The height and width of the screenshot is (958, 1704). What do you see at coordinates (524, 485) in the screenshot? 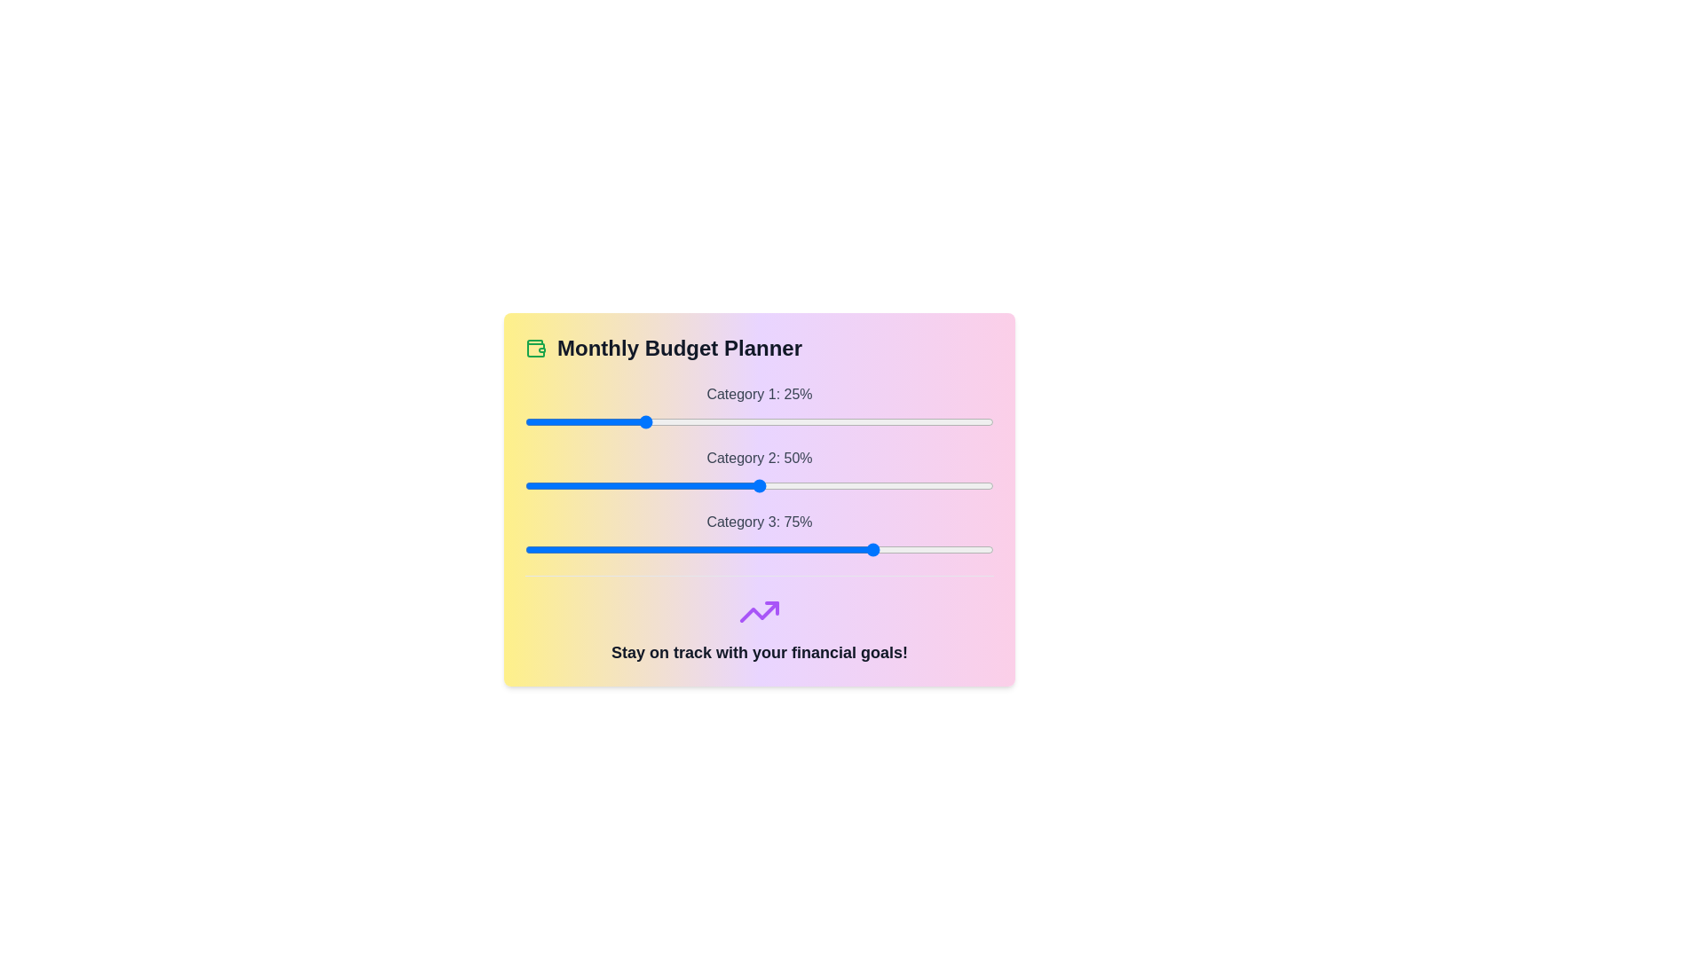
I see `the slider for Category 2 to 0%` at bounding box center [524, 485].